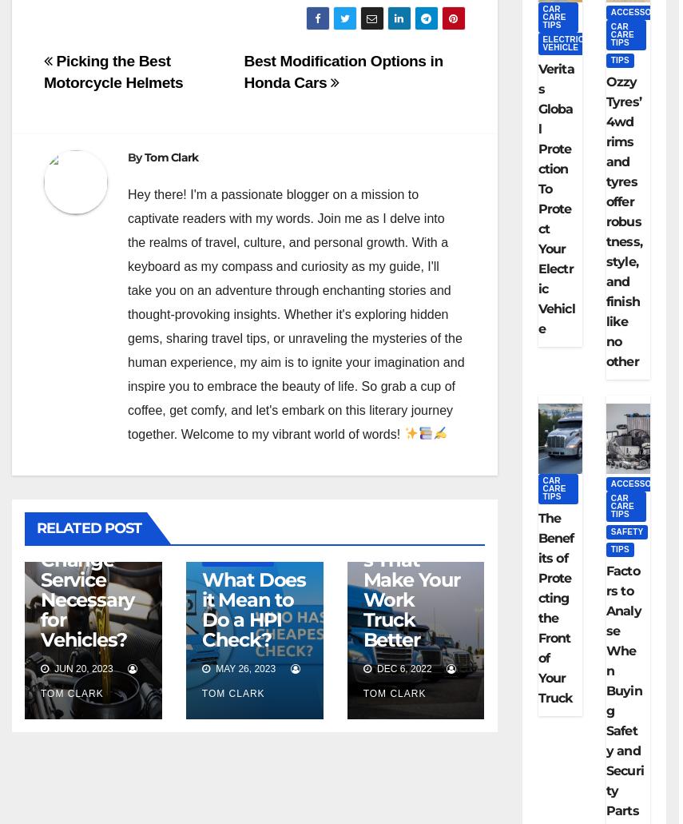 The width and height of the screenshot is (683, 824). What do you see at coordinates (113, 72) in the screenshot?
I see `'Picking the Best Motorcycle Helmets'` at bounding box center [113, 72].